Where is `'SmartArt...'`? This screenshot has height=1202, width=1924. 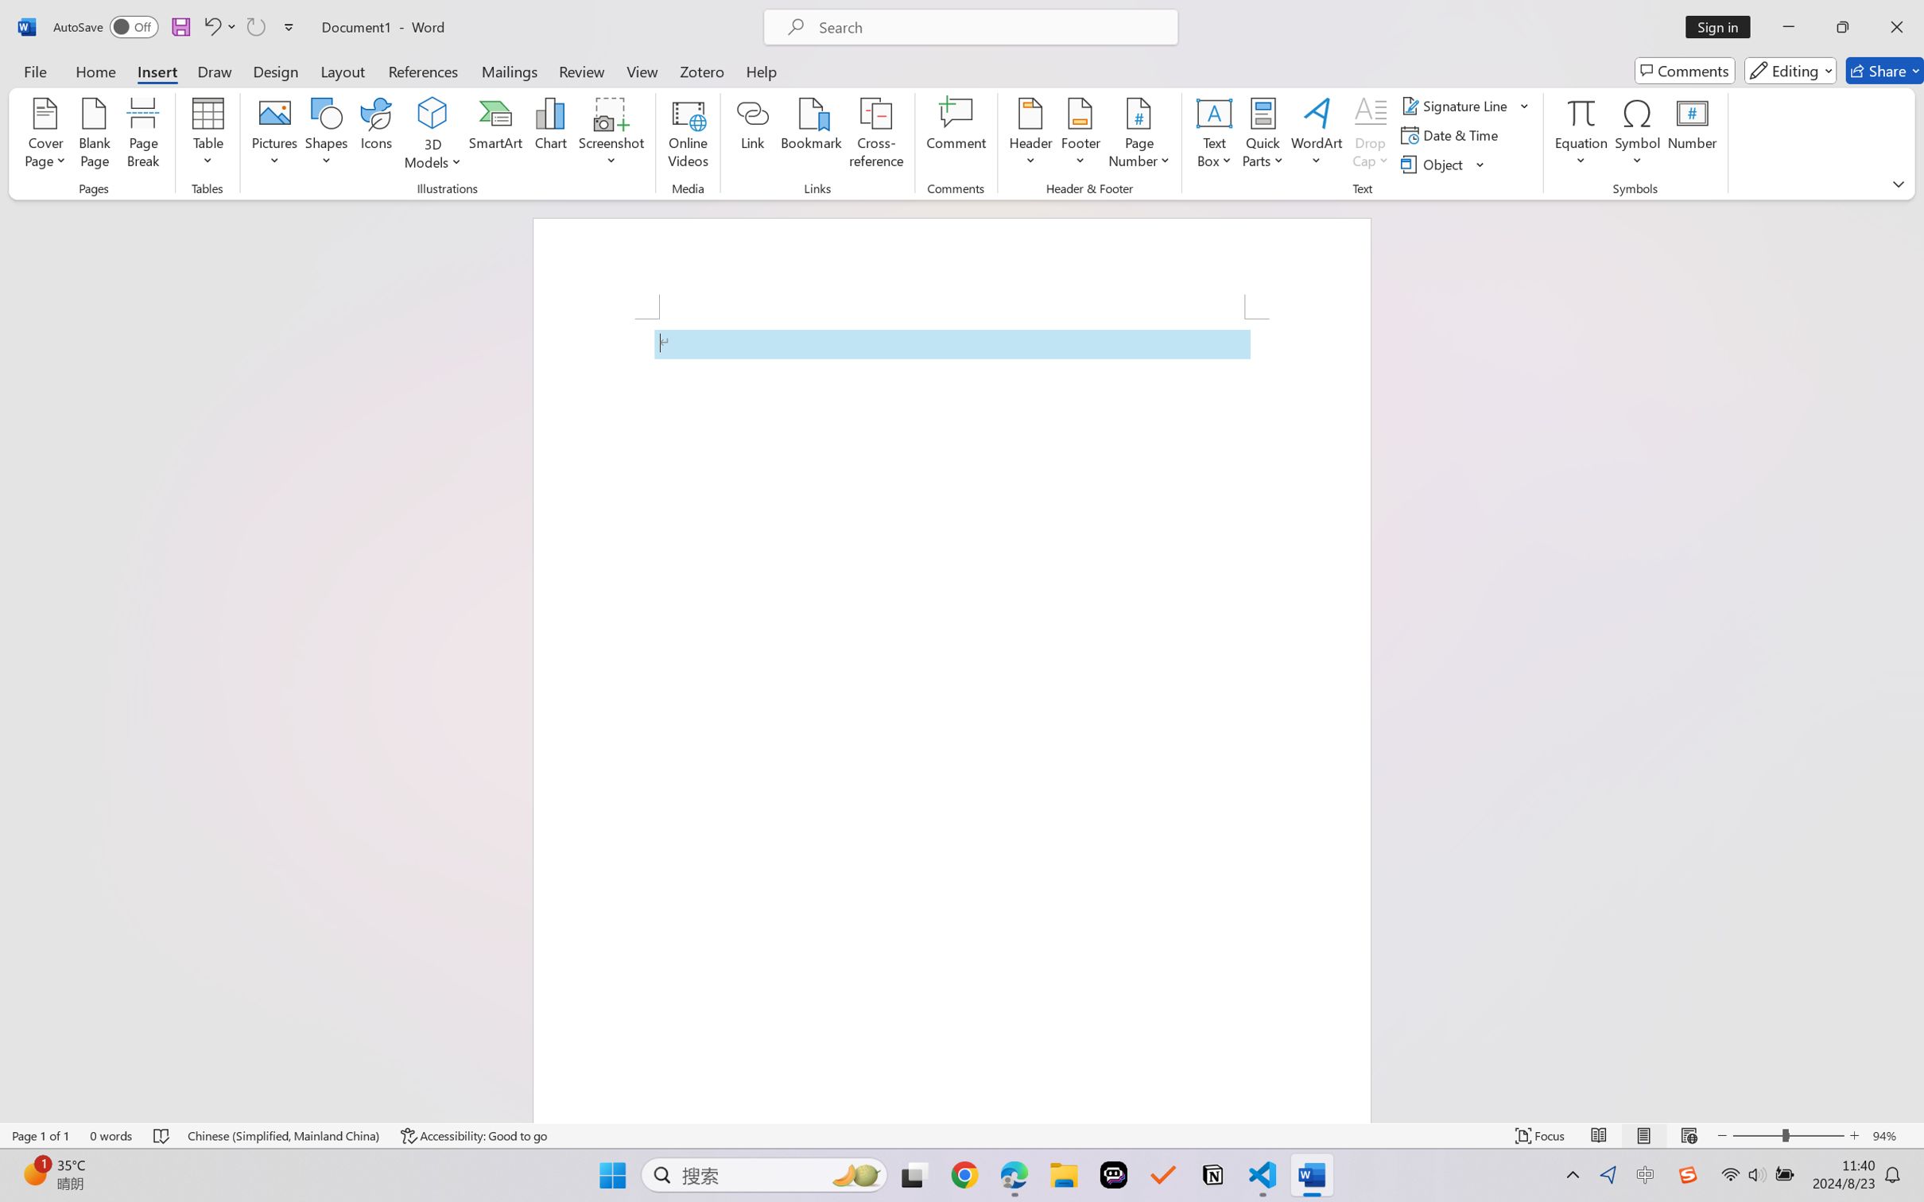
'SmartArt...' is located at coordinates (496, 135).